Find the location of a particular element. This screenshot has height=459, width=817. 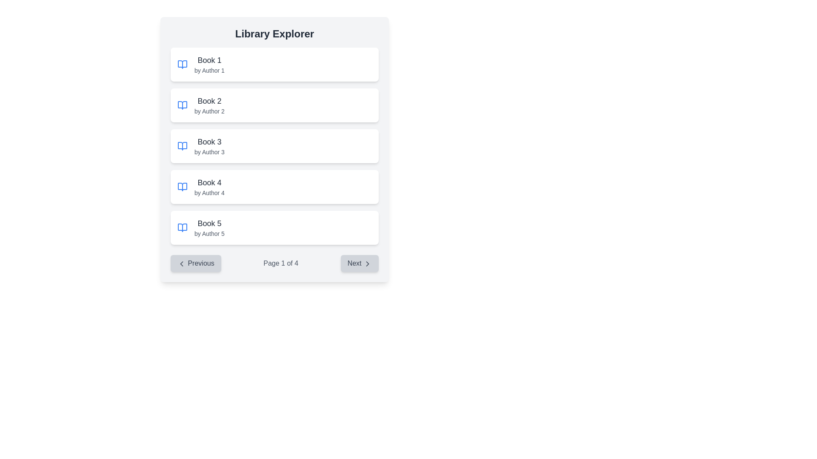

the fourth book entry is located at coordinates (274, 186).